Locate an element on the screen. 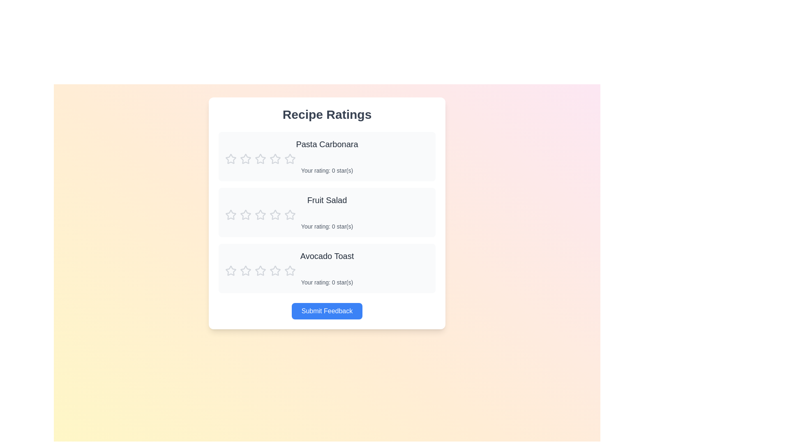  the static text label displaying 'Your rating: 0 star(s)', which is styled minimally and located below the star icons in the rating interface for 'Pasta Carbonara' is located at coordinates (327, 170).